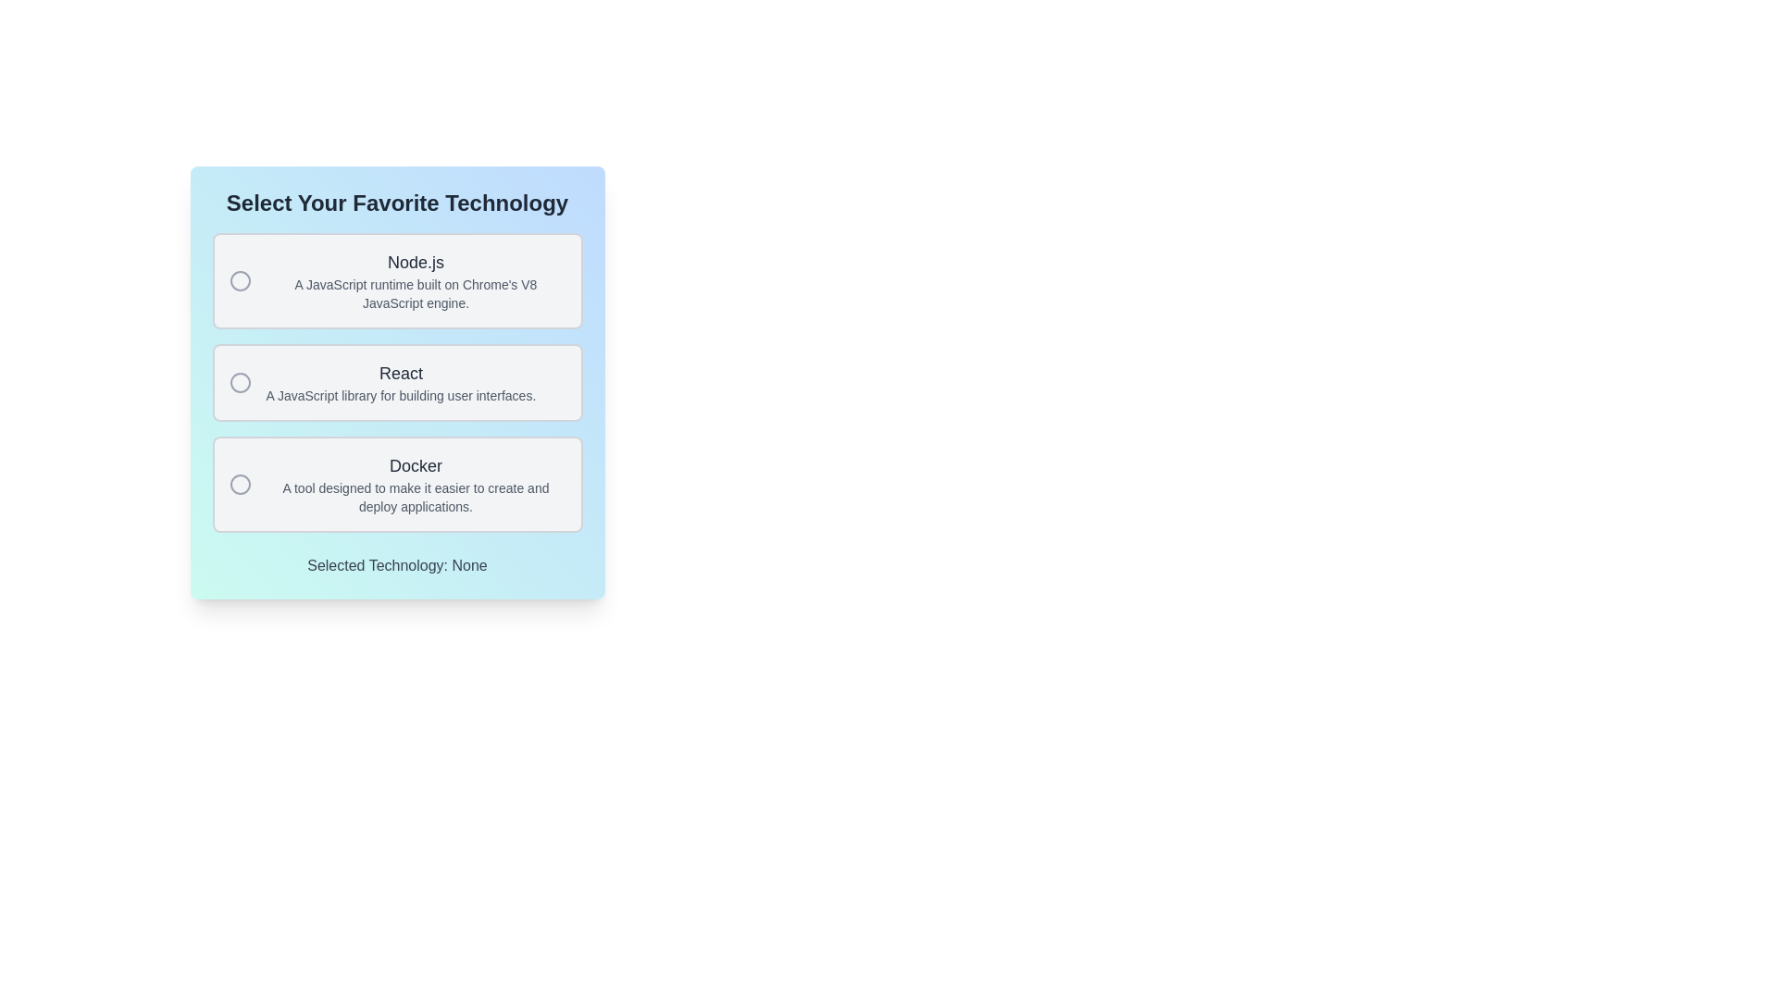 The width and height of the screenshot is (1777, 999). What do you see at coordinates (396, 484) in the screenshot?
I see `the 'Docker' selectable list item` at bounding box center [396, 484].